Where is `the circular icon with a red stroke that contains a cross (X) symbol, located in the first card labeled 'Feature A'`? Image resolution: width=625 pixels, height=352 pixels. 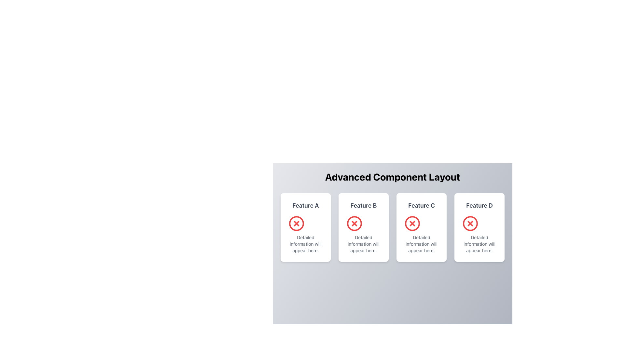
the circular icon with a red stroke that contains a cross (X) symbol, located in the first card labeled 'Feature A' is located at coordinates (296, 223).